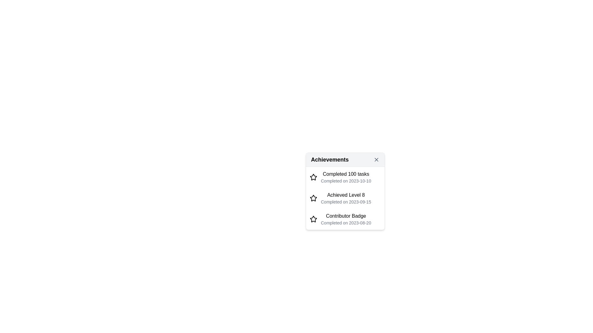 This screenshot has height=333, width=593. I want to click on the text label displaying the date 'Completed on 2023-09-15', located directly below 'Achieved Level 8' within the 'Achievements' modal panel, so click(346, 202).